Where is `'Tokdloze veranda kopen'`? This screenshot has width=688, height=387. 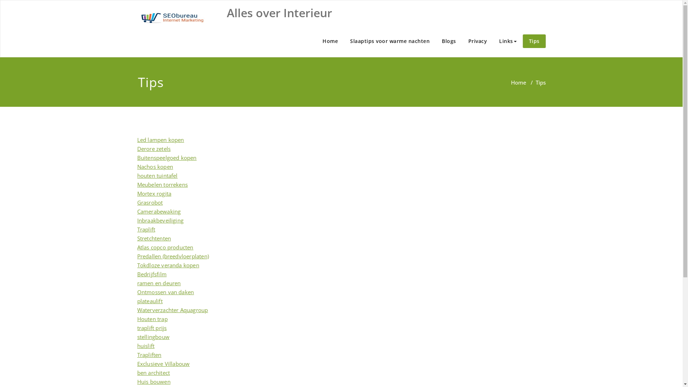
'Tokdloze veranda kopen' is located at coordinates (167, 265).